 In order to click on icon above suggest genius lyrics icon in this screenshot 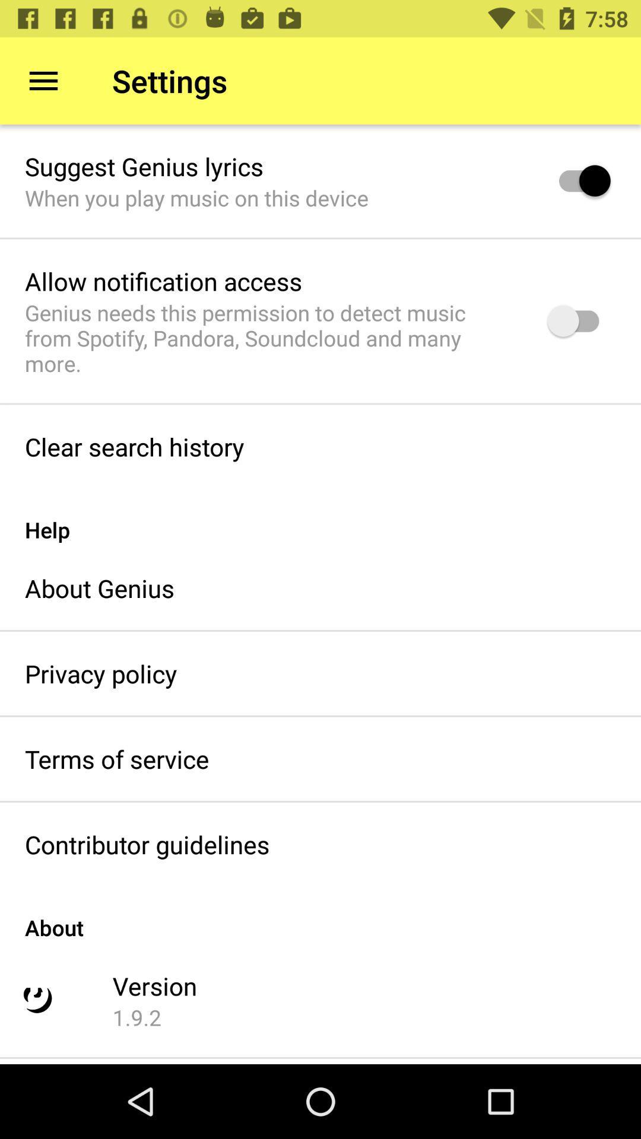, I will do `click(43, 80)`.